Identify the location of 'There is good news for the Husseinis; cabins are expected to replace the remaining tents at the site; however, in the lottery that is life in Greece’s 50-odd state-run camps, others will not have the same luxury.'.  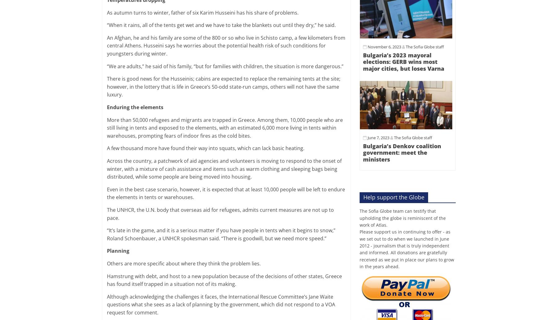
(107, 87).